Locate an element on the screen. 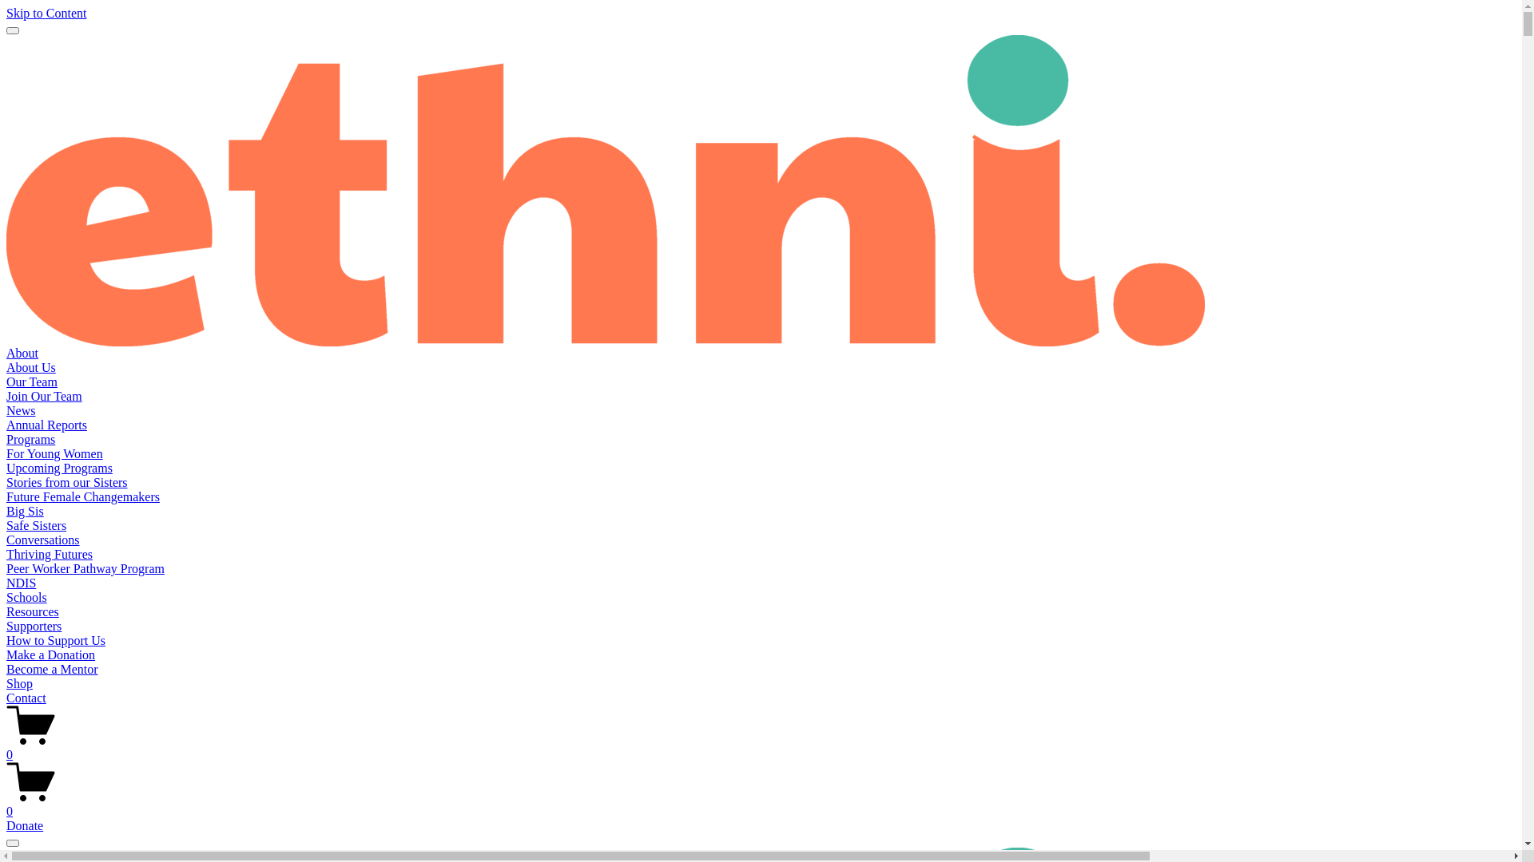  'Our Team' is located at coordinates (31, 382).